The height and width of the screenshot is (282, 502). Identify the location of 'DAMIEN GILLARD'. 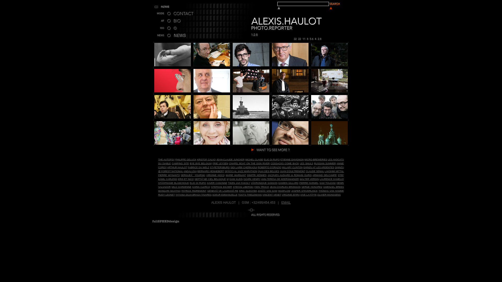
(288, 183).